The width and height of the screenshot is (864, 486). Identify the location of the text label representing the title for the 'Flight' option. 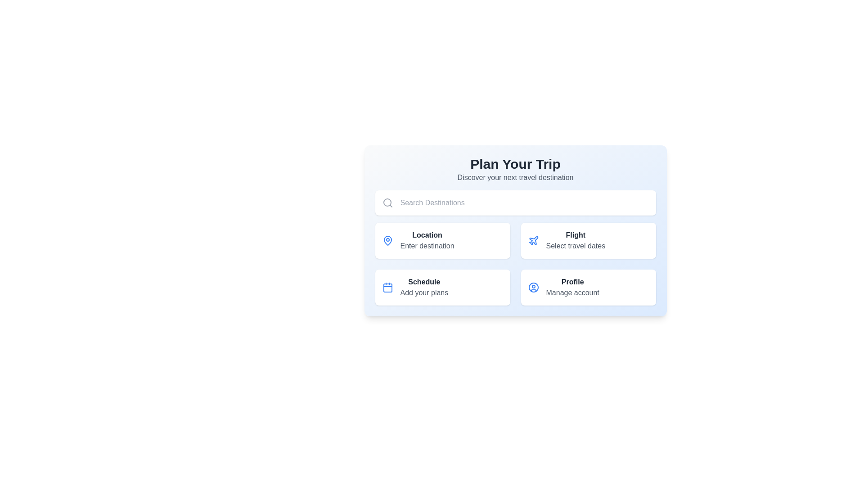
(575, 235).